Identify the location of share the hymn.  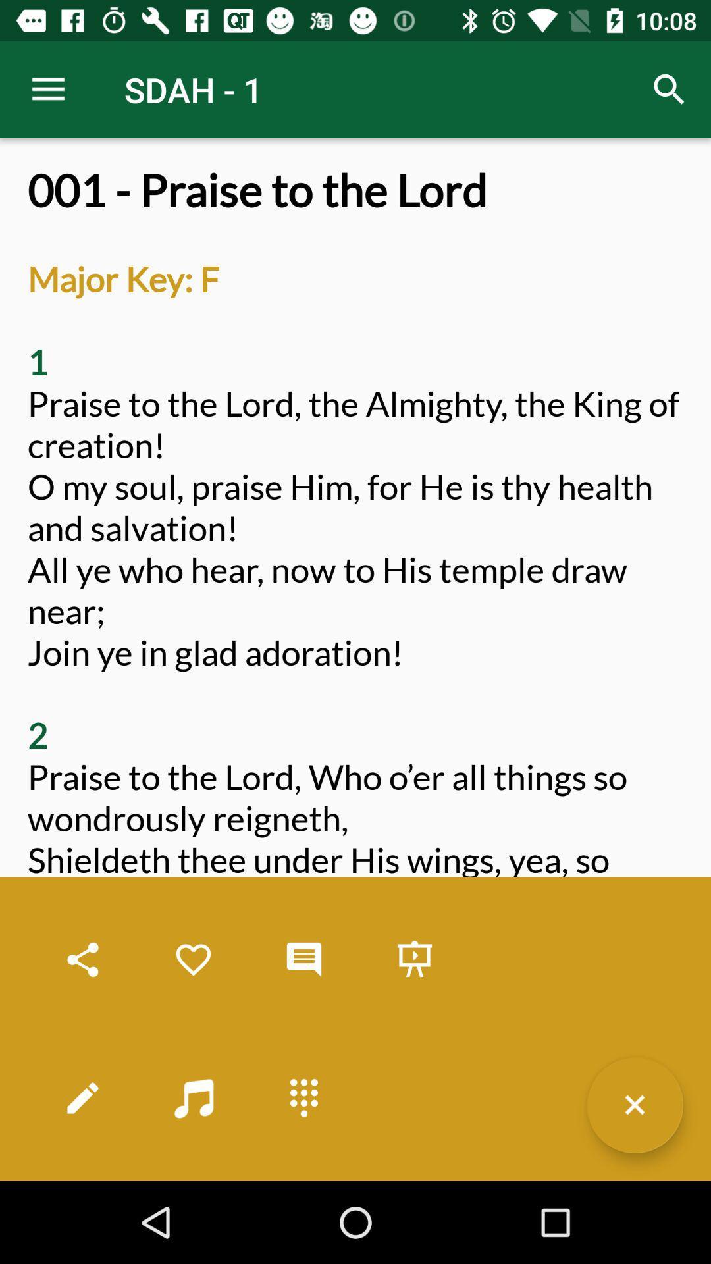
(83, 960).